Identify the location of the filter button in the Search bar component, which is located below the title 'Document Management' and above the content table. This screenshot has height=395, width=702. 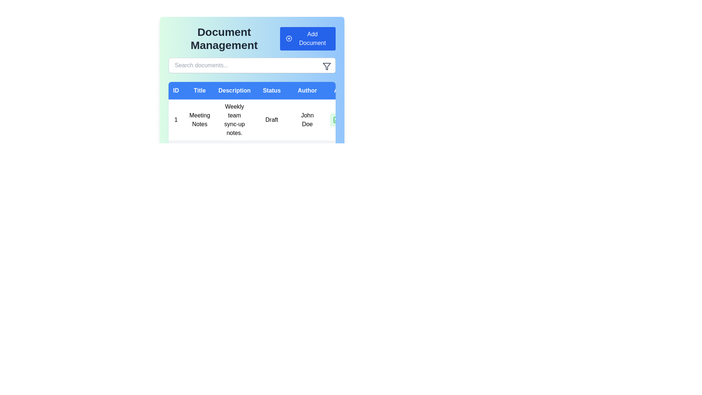
(252, 65).